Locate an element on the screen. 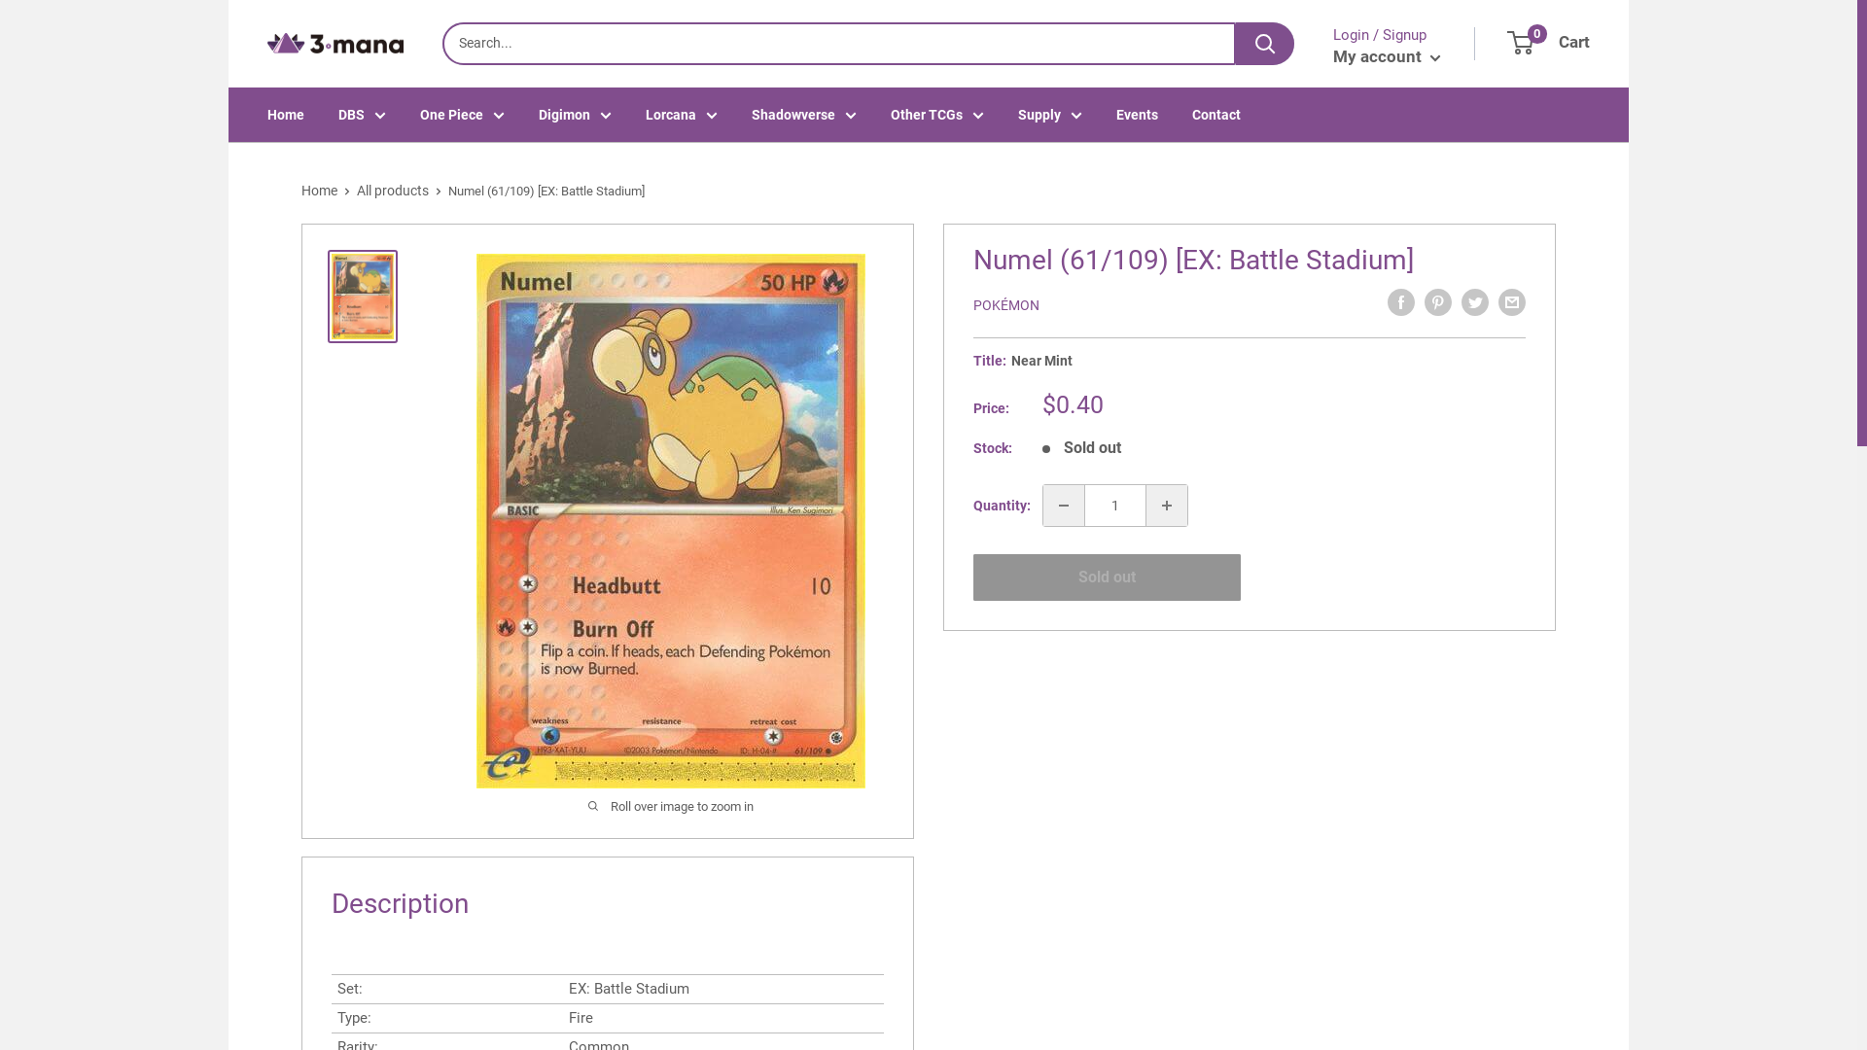 The image size is (1867, 1050). 'Home' is located at coordinates (319, 191).